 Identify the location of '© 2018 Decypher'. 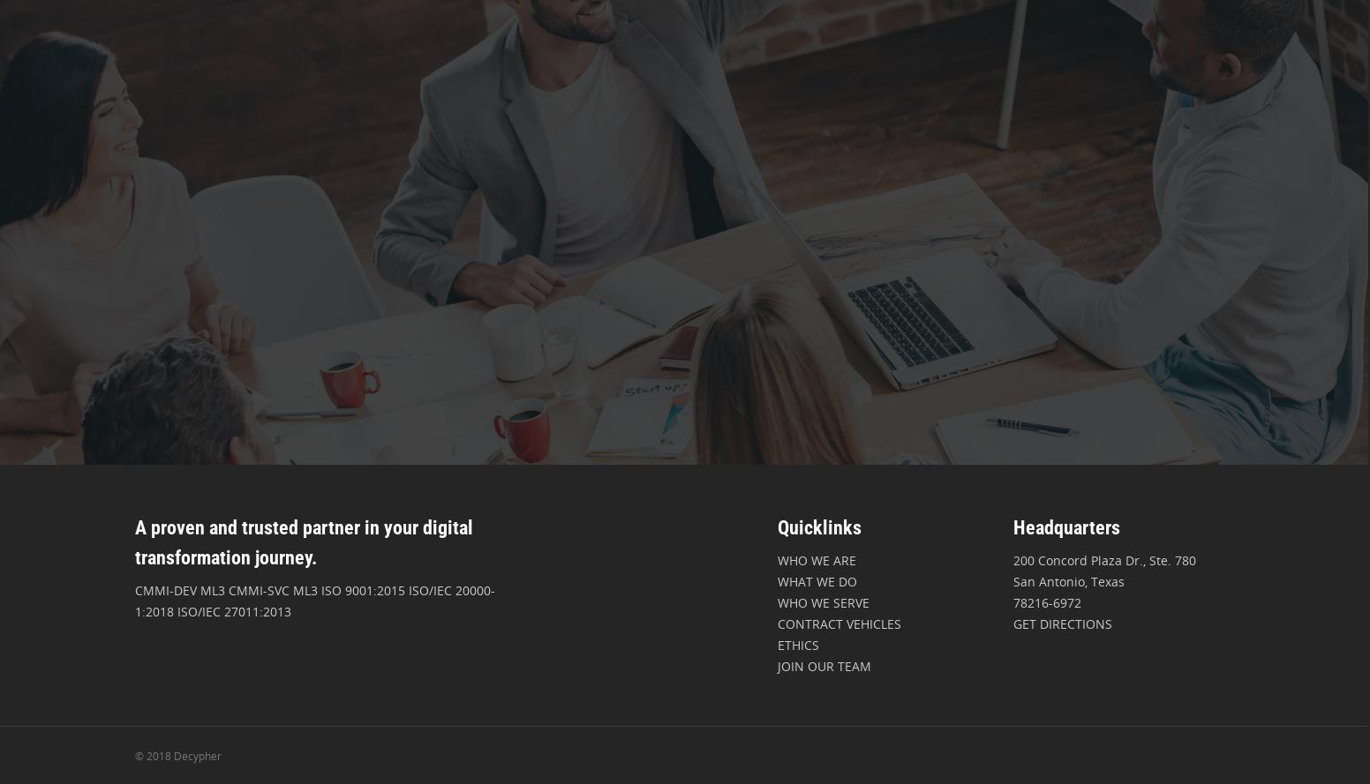
(177, 755).